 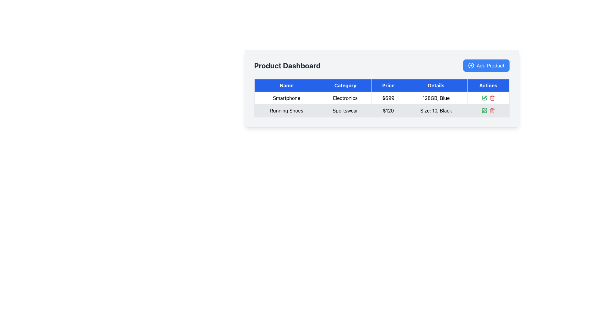 I want to click on the edit icon button located in the 'Actions' column of the first row within the table, so click(x=484, y=97).